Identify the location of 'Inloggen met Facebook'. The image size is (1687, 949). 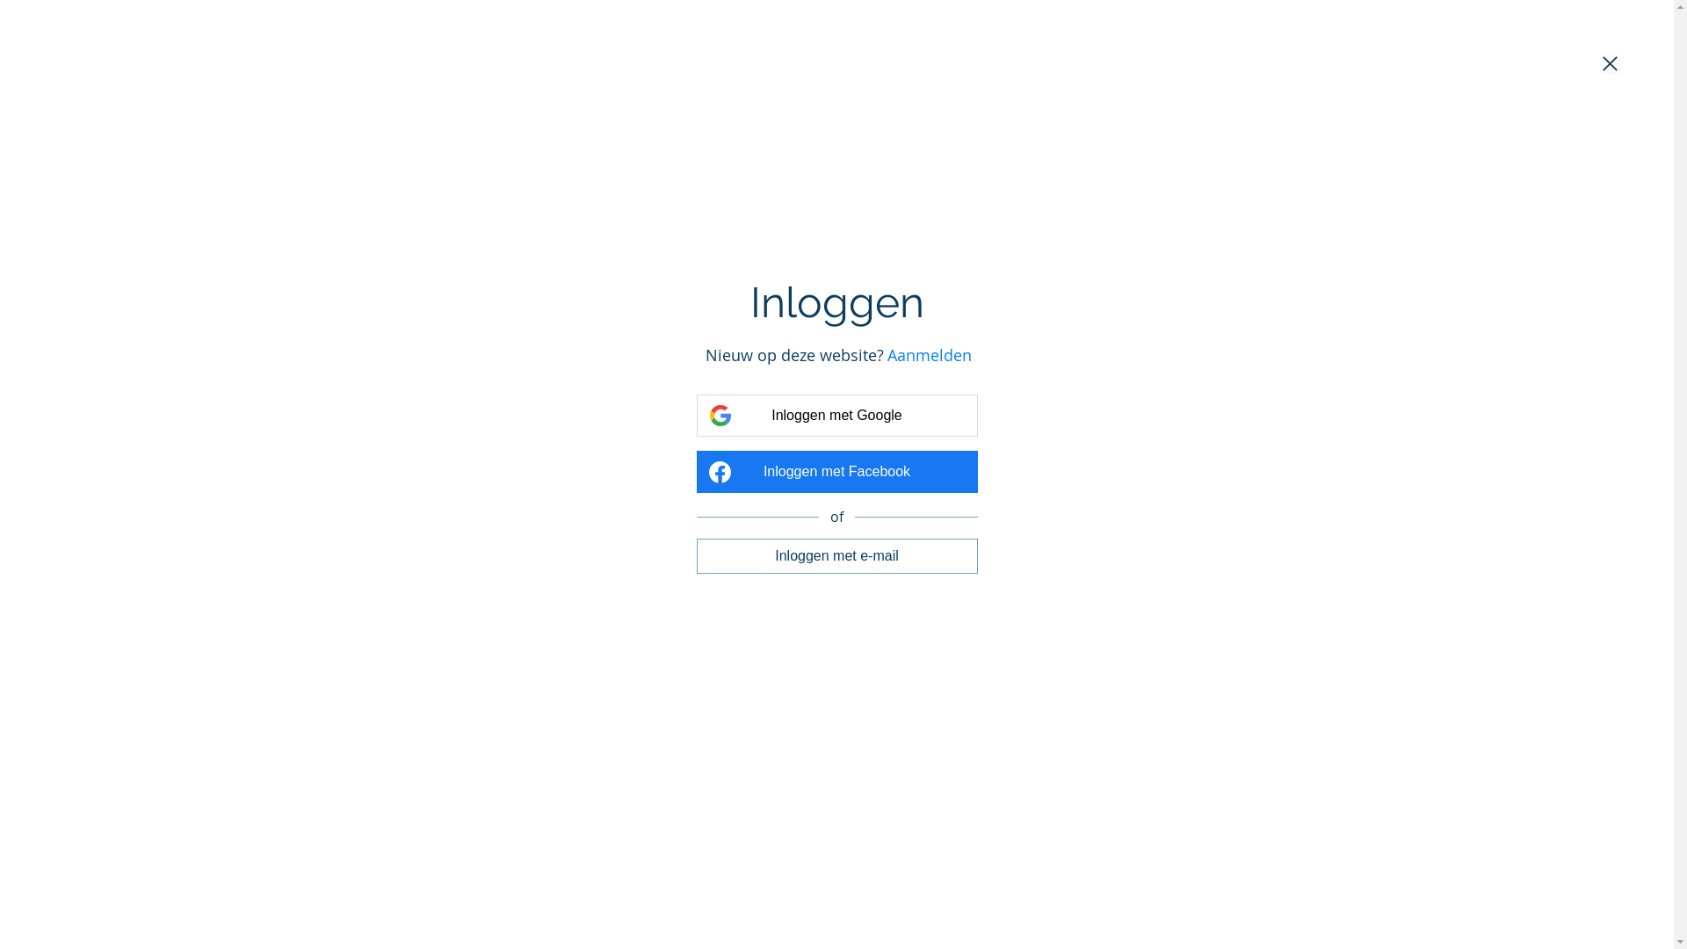
(835, 470).